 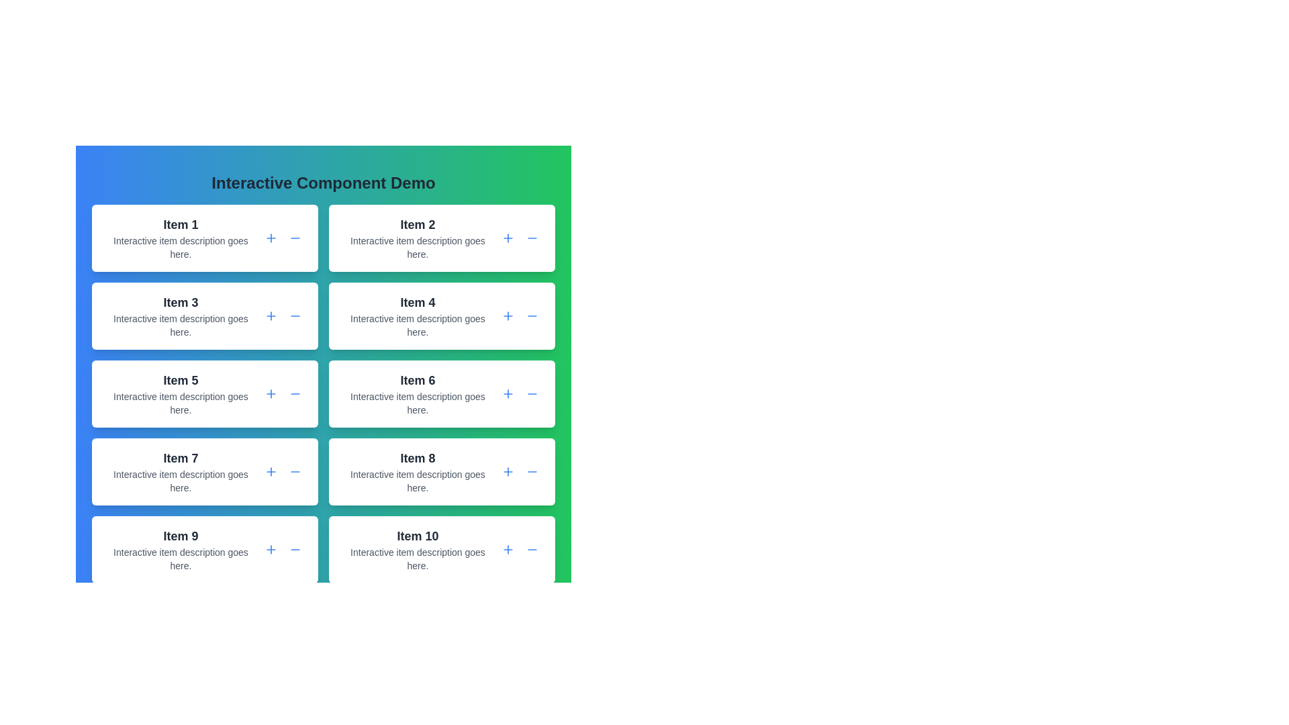 What do you see at coordinates (531, 237) in the screenshot?
I see `the 'minus' button located in the top row of the second column of the grid layout, positioned to the right of the 'Item 2' card, to decrease a value` at bounding box center [531, 237].